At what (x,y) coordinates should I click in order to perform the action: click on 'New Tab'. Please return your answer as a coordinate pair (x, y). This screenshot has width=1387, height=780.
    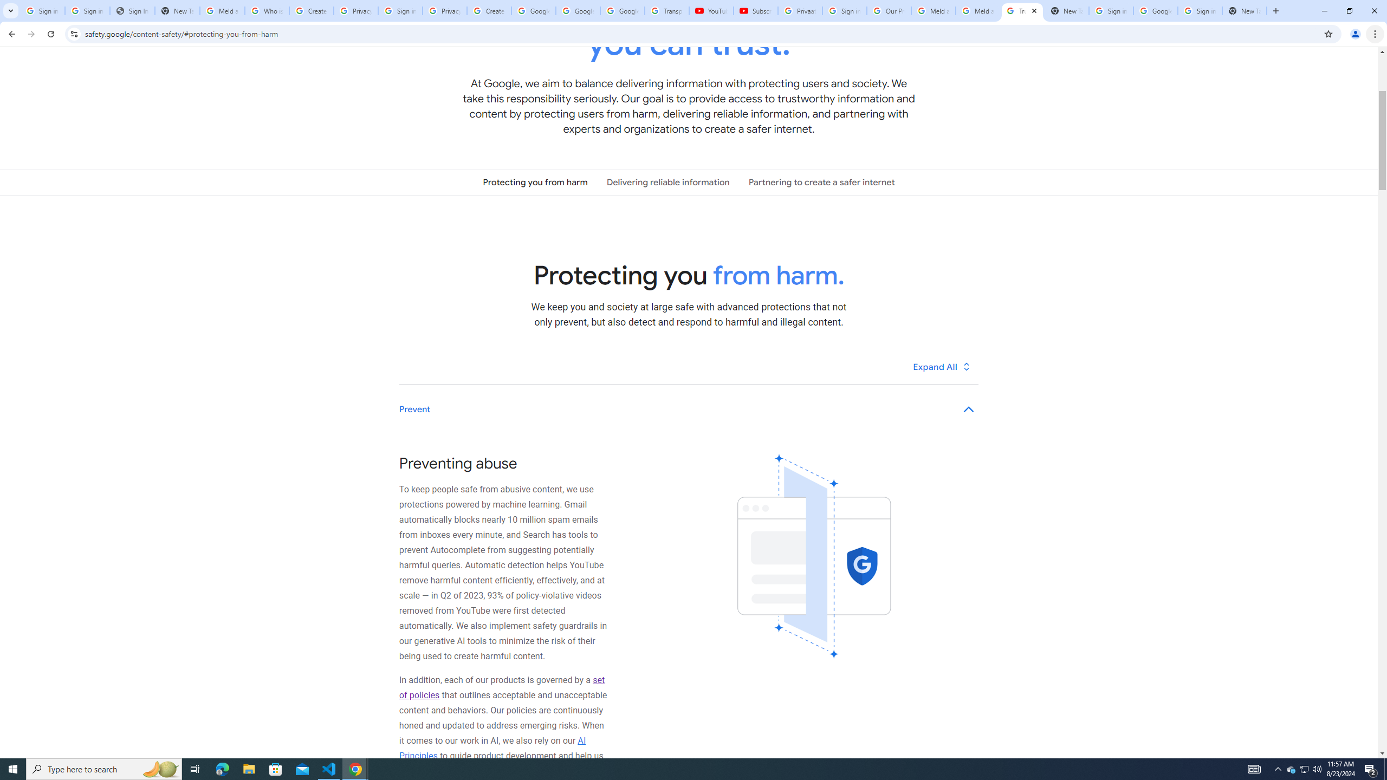
    Looking at the image, I should click on (1244, 10).